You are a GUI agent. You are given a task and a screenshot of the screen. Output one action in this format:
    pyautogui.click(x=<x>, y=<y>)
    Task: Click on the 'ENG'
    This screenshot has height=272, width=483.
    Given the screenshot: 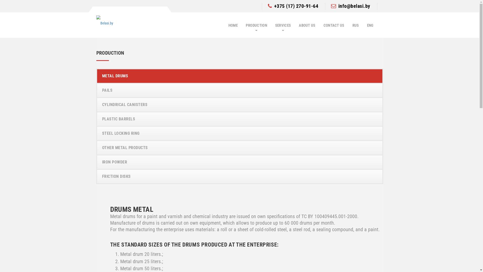 What is the action you would take?
    pyautogui.click(x=370, y=25)
    